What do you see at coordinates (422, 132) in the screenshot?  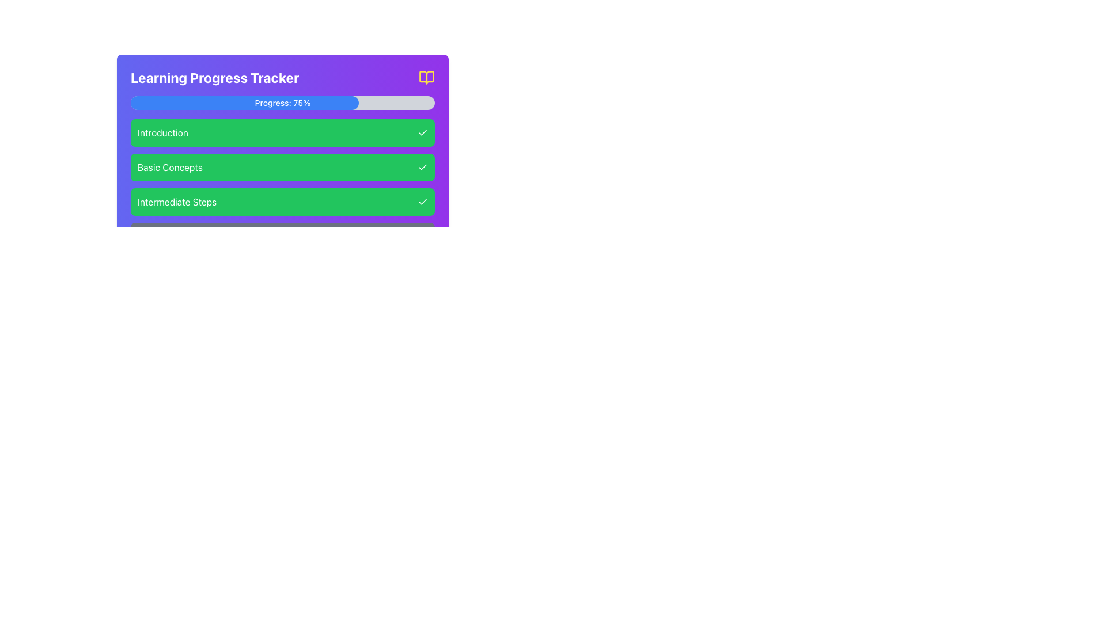 I see `the white checkmark icon located on the right side of the green rectangular button labeled 'Introduction'` at bounding box center [422, 132].